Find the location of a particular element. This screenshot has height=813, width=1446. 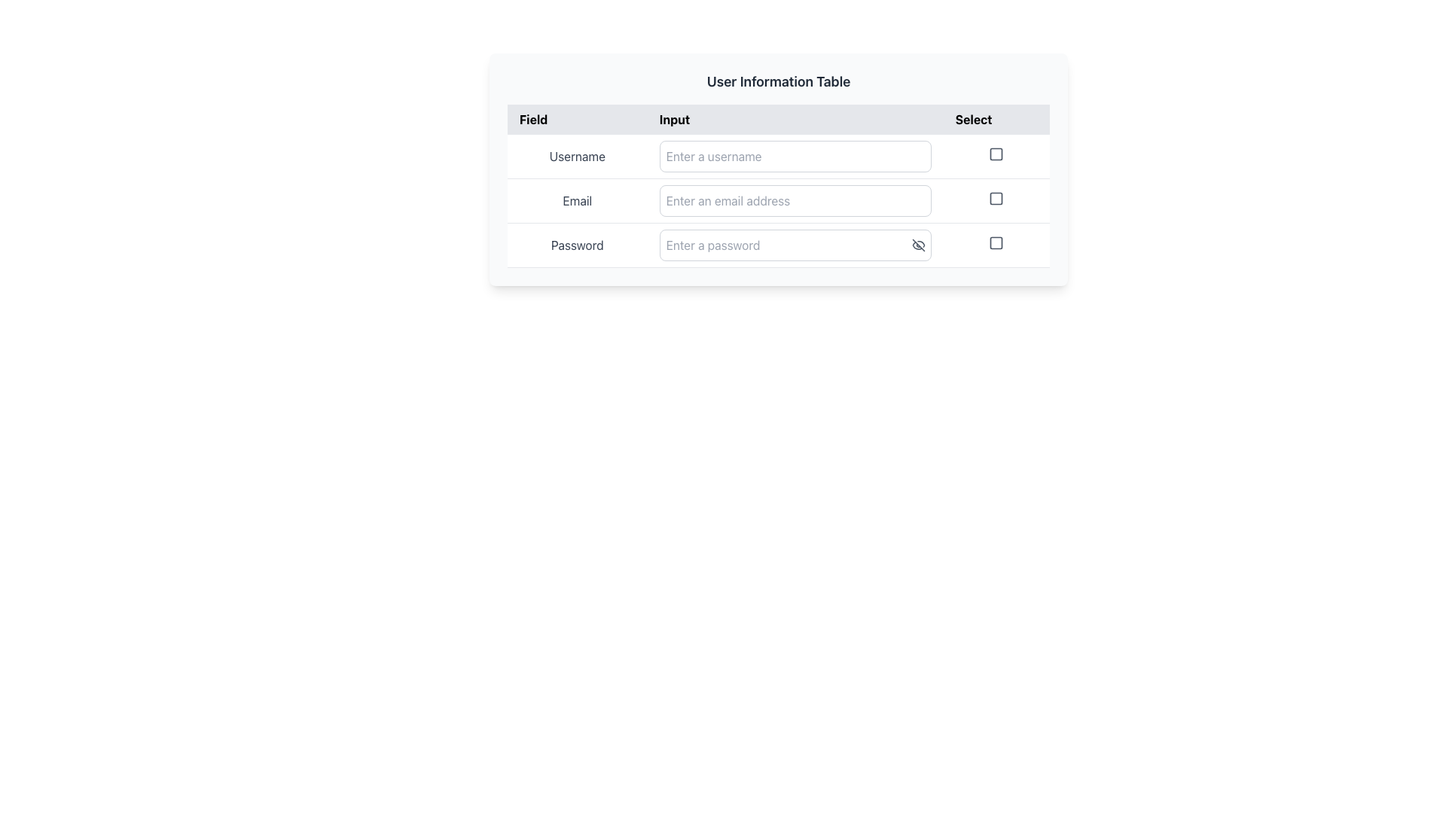

the rectangular button located at the rightmost column of the 'Password' row in the user information table is located at coordinates (996, 245).